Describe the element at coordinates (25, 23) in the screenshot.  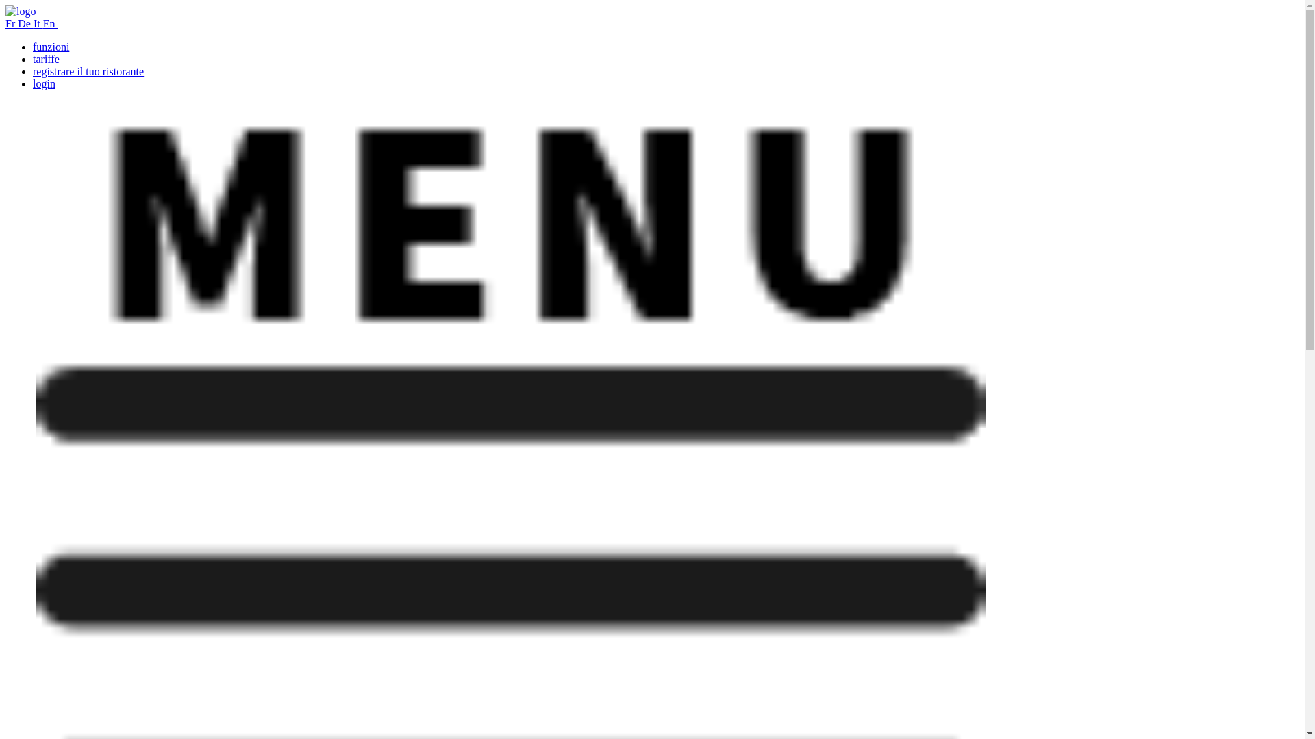
I see `'De'` at that location.